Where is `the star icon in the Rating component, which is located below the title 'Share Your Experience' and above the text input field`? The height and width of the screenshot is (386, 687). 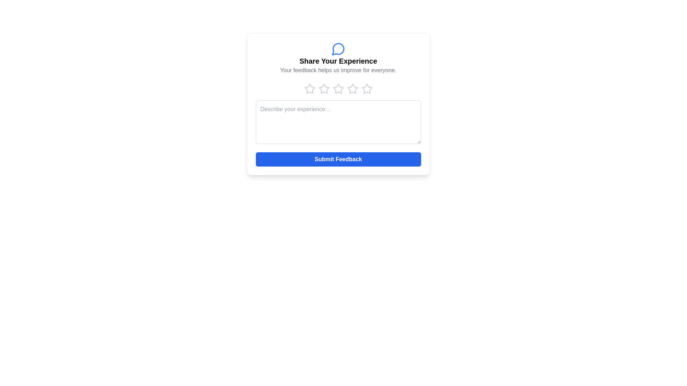
the star icon in the Rating component, which is located below the title 'Share Your Experience' and above the text input field is located at coordinates (338, 89).